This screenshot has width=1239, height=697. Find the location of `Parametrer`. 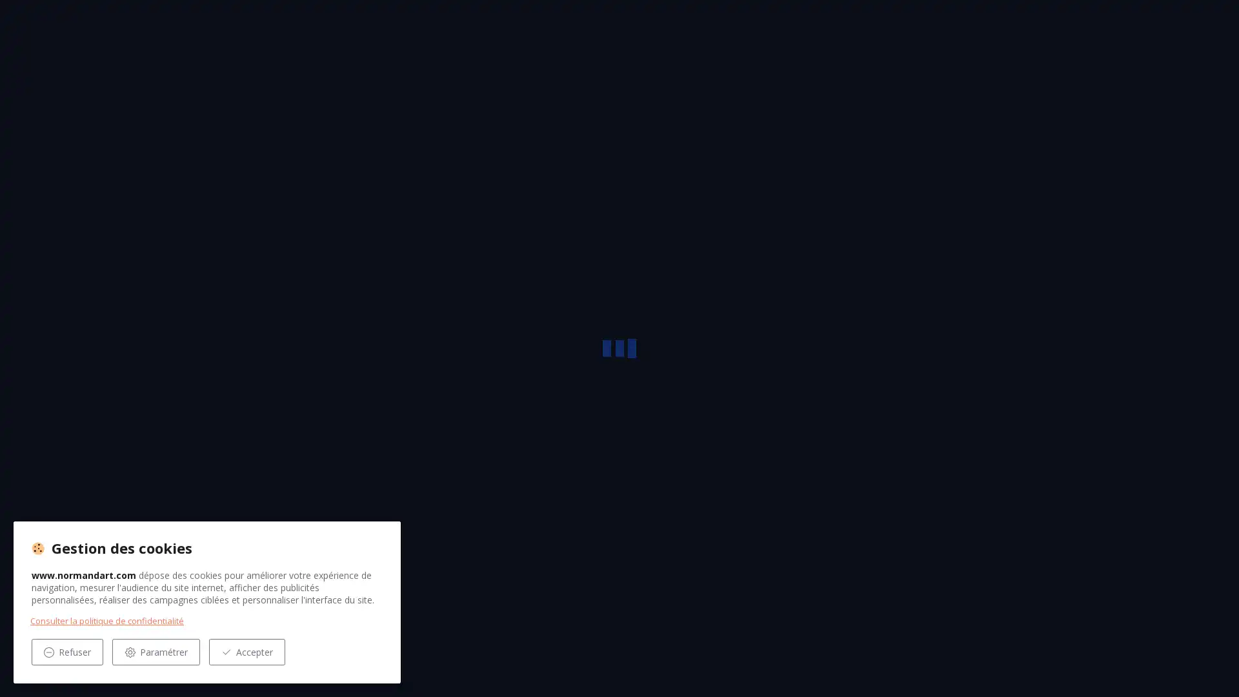

Parametrer is located at coordinates (155, 652).